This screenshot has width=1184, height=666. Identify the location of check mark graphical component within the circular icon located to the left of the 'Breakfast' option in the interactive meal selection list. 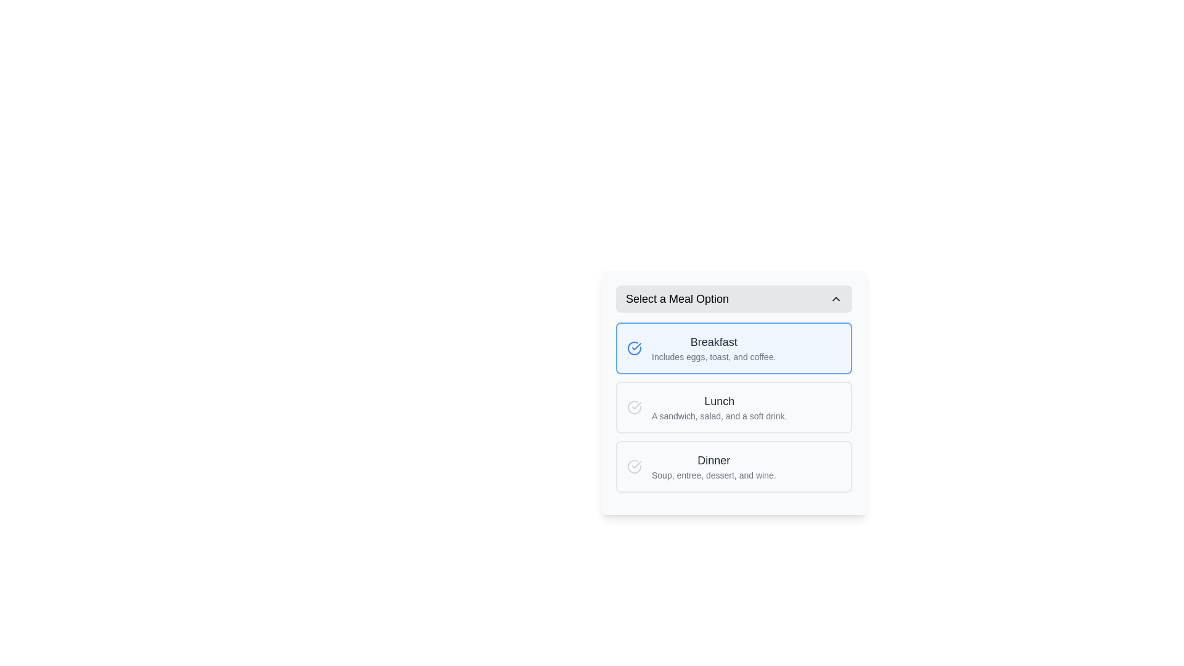
(636, 464).